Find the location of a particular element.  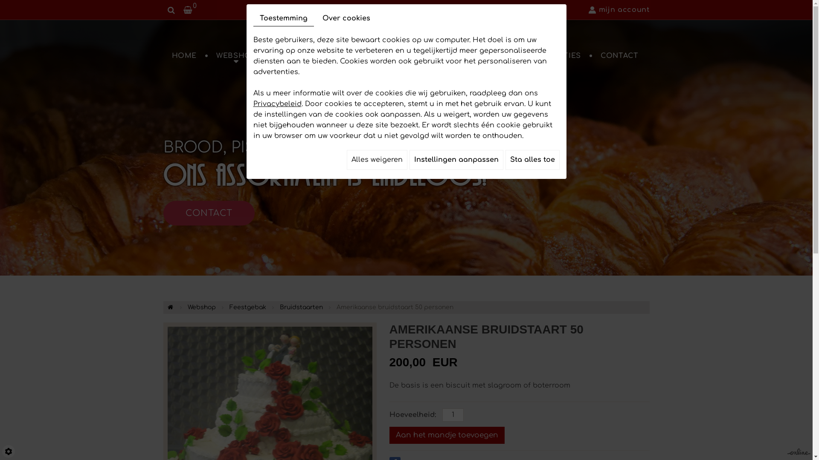

'Aan het mandje toevoegen' is located at coordinates (446, 435).